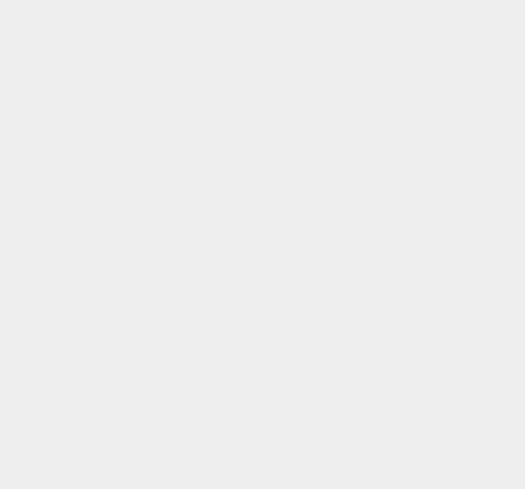  Describe the element at coordinates (398, 404) in the screenshot. I see `'Google Plus Pages'` at that location.